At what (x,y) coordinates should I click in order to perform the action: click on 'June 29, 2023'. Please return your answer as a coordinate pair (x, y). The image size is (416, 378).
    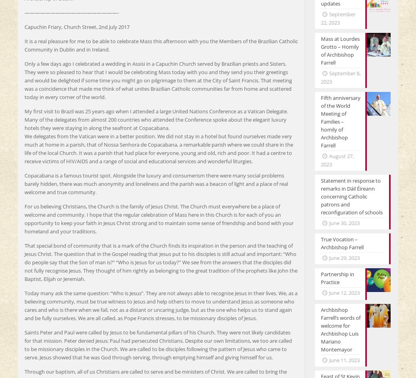
    Looking at the image, I should click on (343, 258).